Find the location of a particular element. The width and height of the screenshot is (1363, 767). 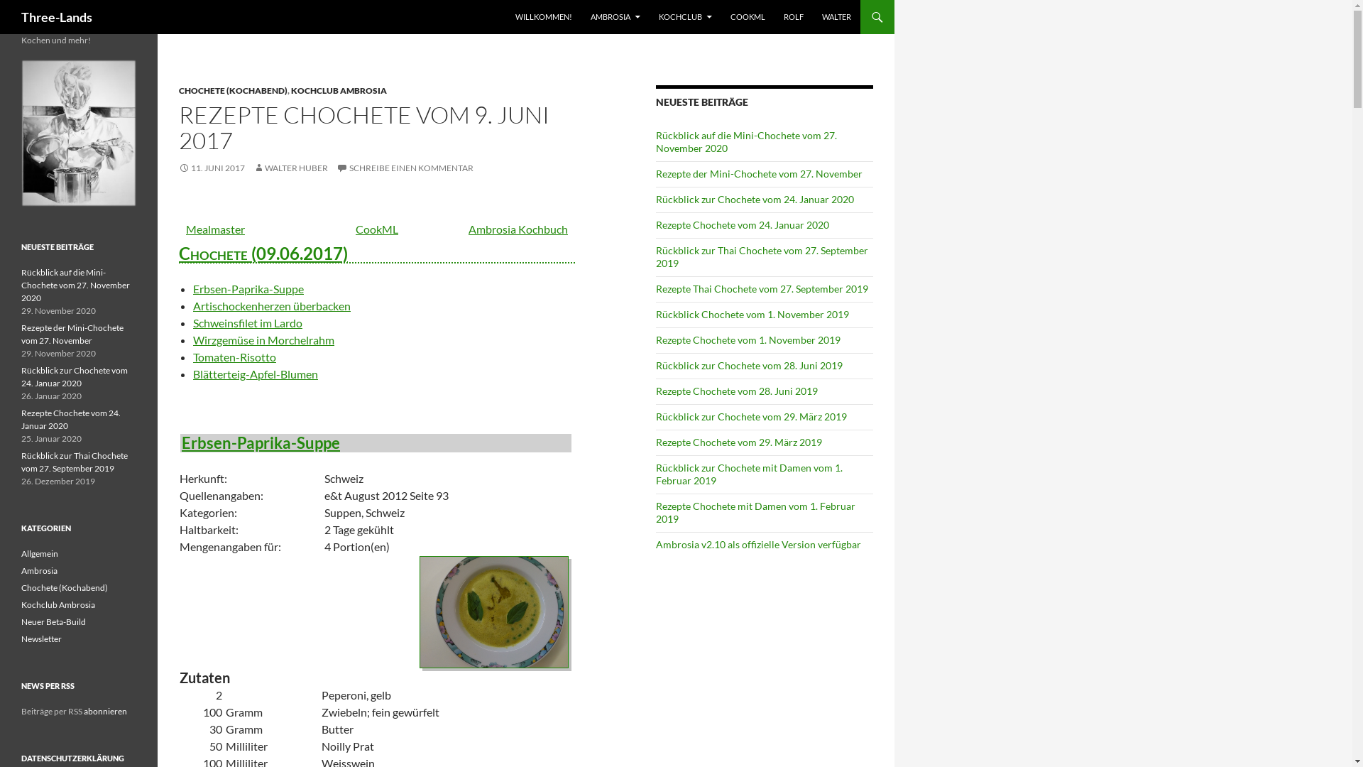

'Rezepte Chochete vom 28. Juni 2019' is located at coordinates (736, 391).